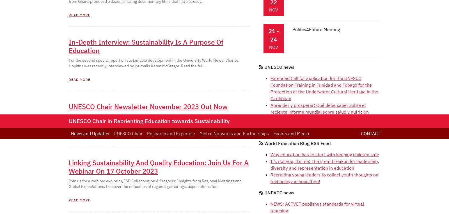 The height and width of the screenshot is (214, 449). What do you see at coordinates (155, 77) in the screenshot?
I see `'Contact'` at bounding box center [155, 77].